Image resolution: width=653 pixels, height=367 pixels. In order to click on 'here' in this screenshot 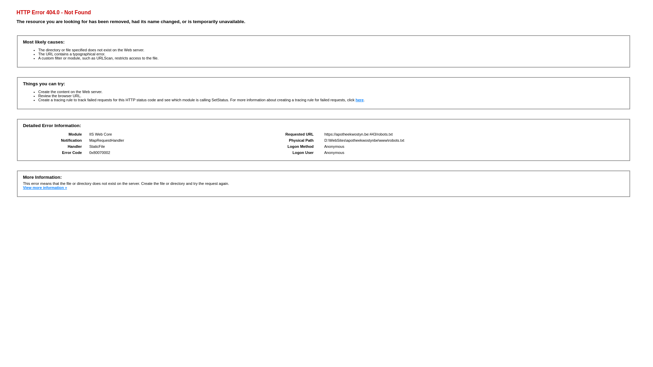, I will do `click(355, 100)`.